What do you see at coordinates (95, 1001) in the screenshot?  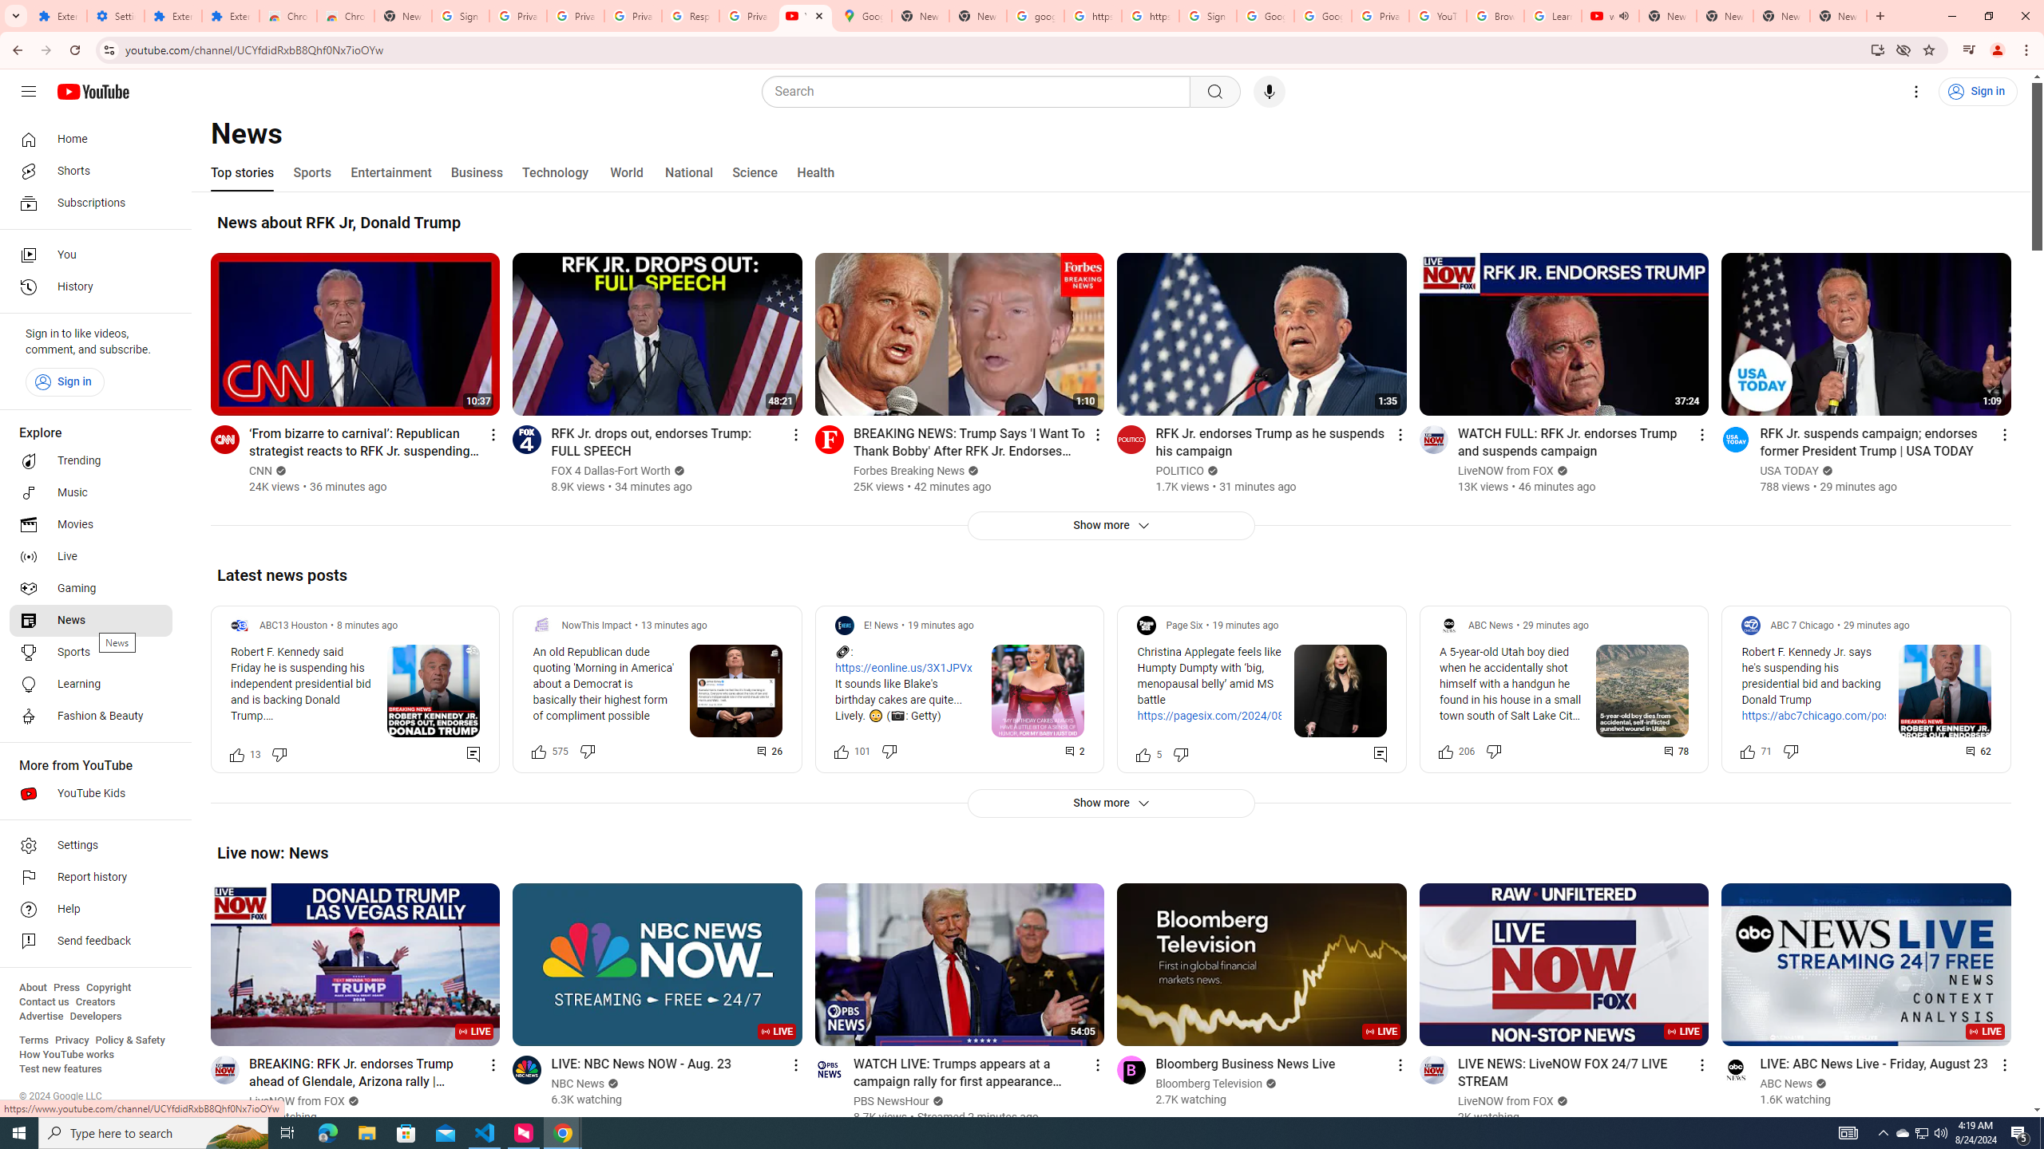 I see `'Creators'` at bounding box center [95, 1001].